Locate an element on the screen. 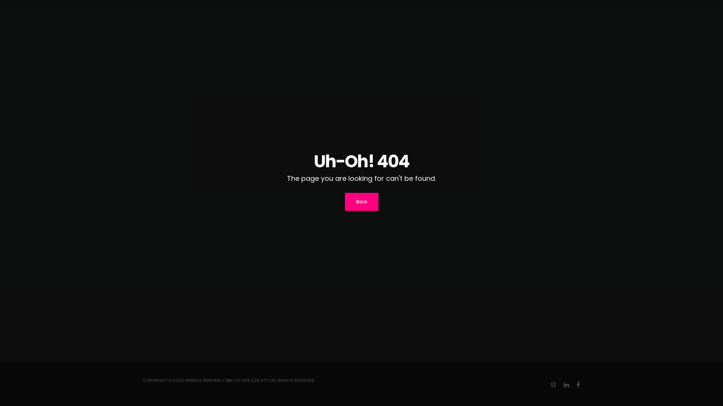  'Back' is located at coordinates (361, 201).